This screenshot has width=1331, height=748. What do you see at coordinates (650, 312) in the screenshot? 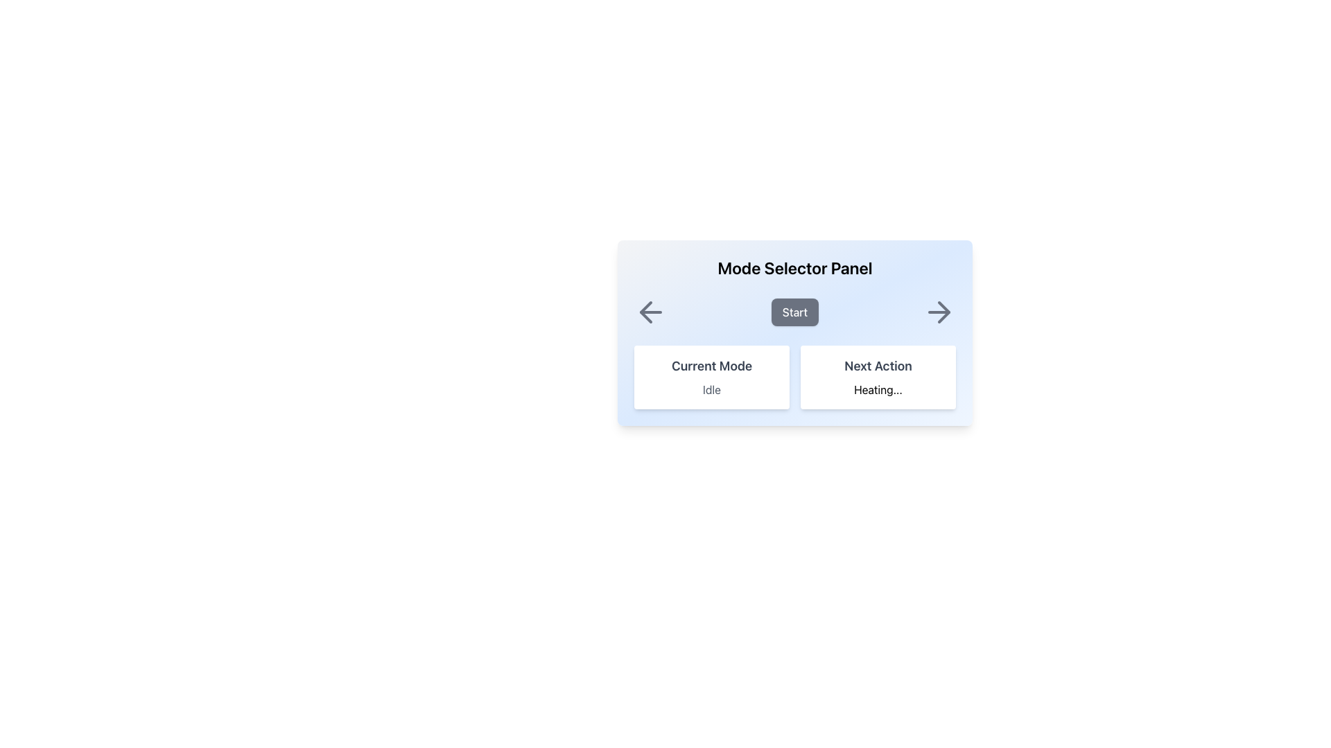
I see `the left-pointing gray arrow icon located near the upper-left corner of the mode selector panel` at bounding box center [650, 312].